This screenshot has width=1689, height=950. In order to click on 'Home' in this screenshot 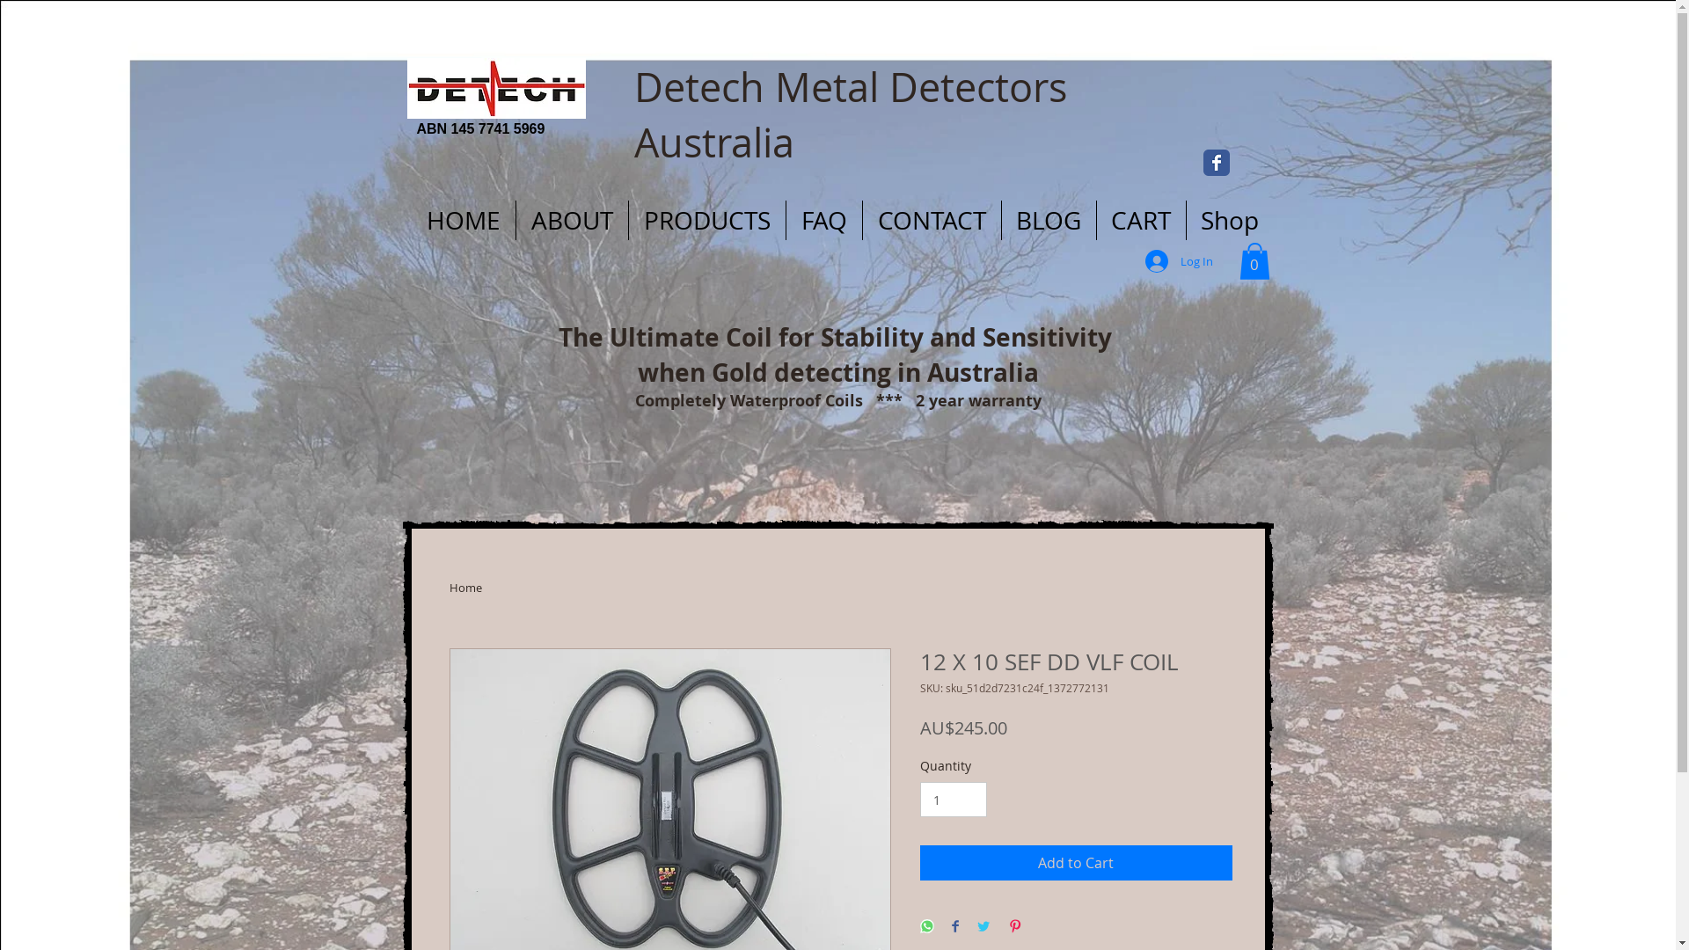, I will do `click(464, 587)`.